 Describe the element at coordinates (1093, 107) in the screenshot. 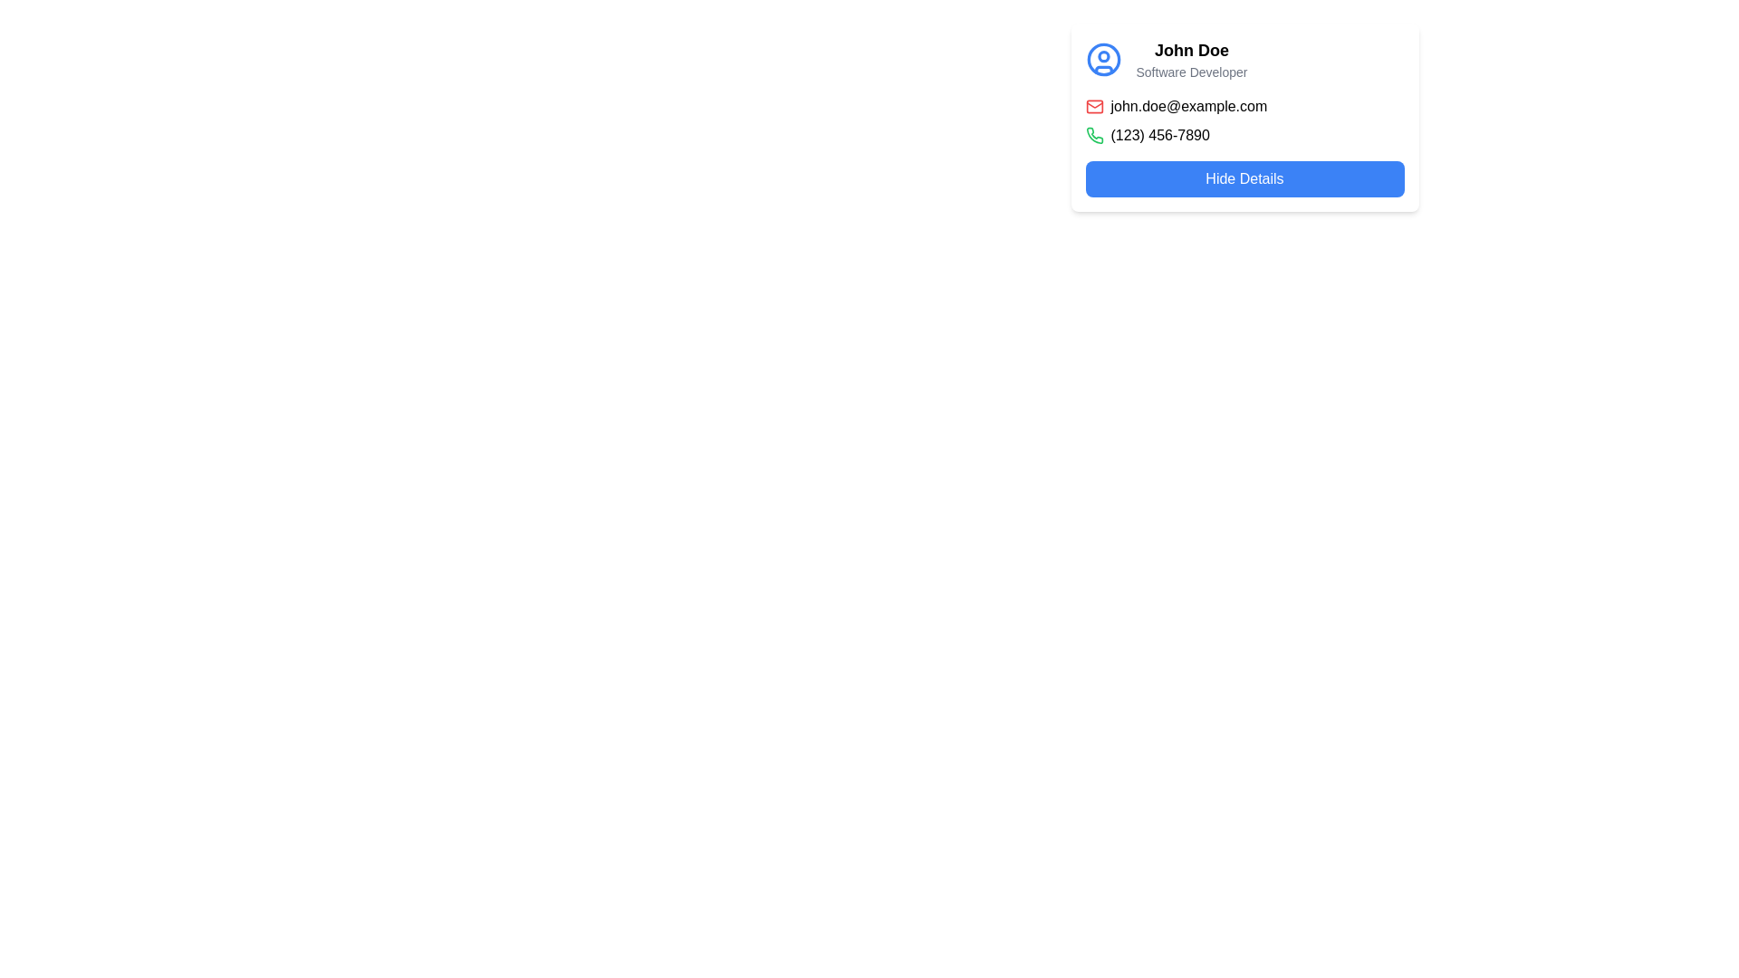

I see `the red-colored envelope icon representing an email, located to the left of the email address 'john.doe@example.com'` at that location.